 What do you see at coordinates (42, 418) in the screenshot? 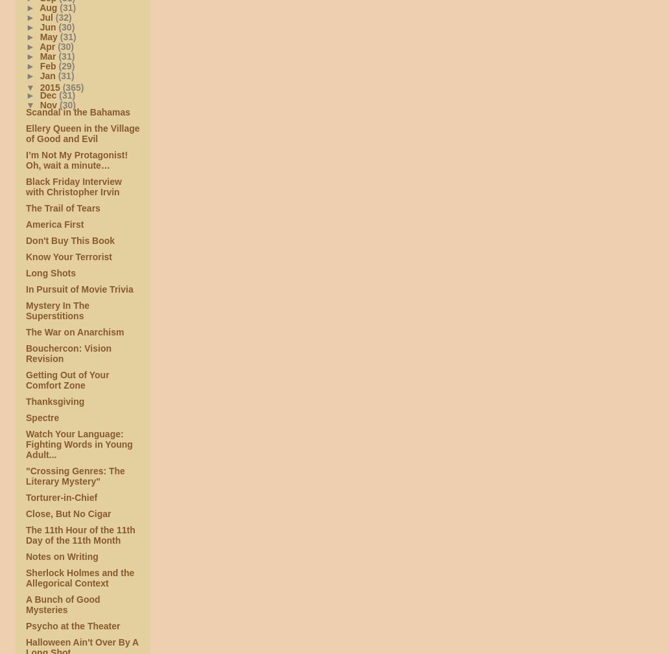
I see `'Spectre'` at bounding box center [42, 418].